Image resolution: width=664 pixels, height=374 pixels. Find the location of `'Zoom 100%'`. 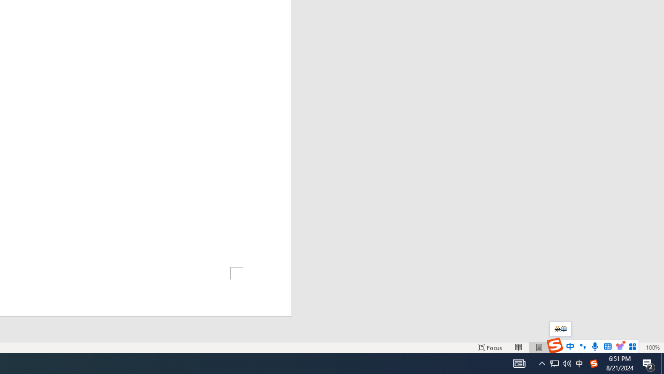

'Zoom 100%' is located at coordinates (652, 348).